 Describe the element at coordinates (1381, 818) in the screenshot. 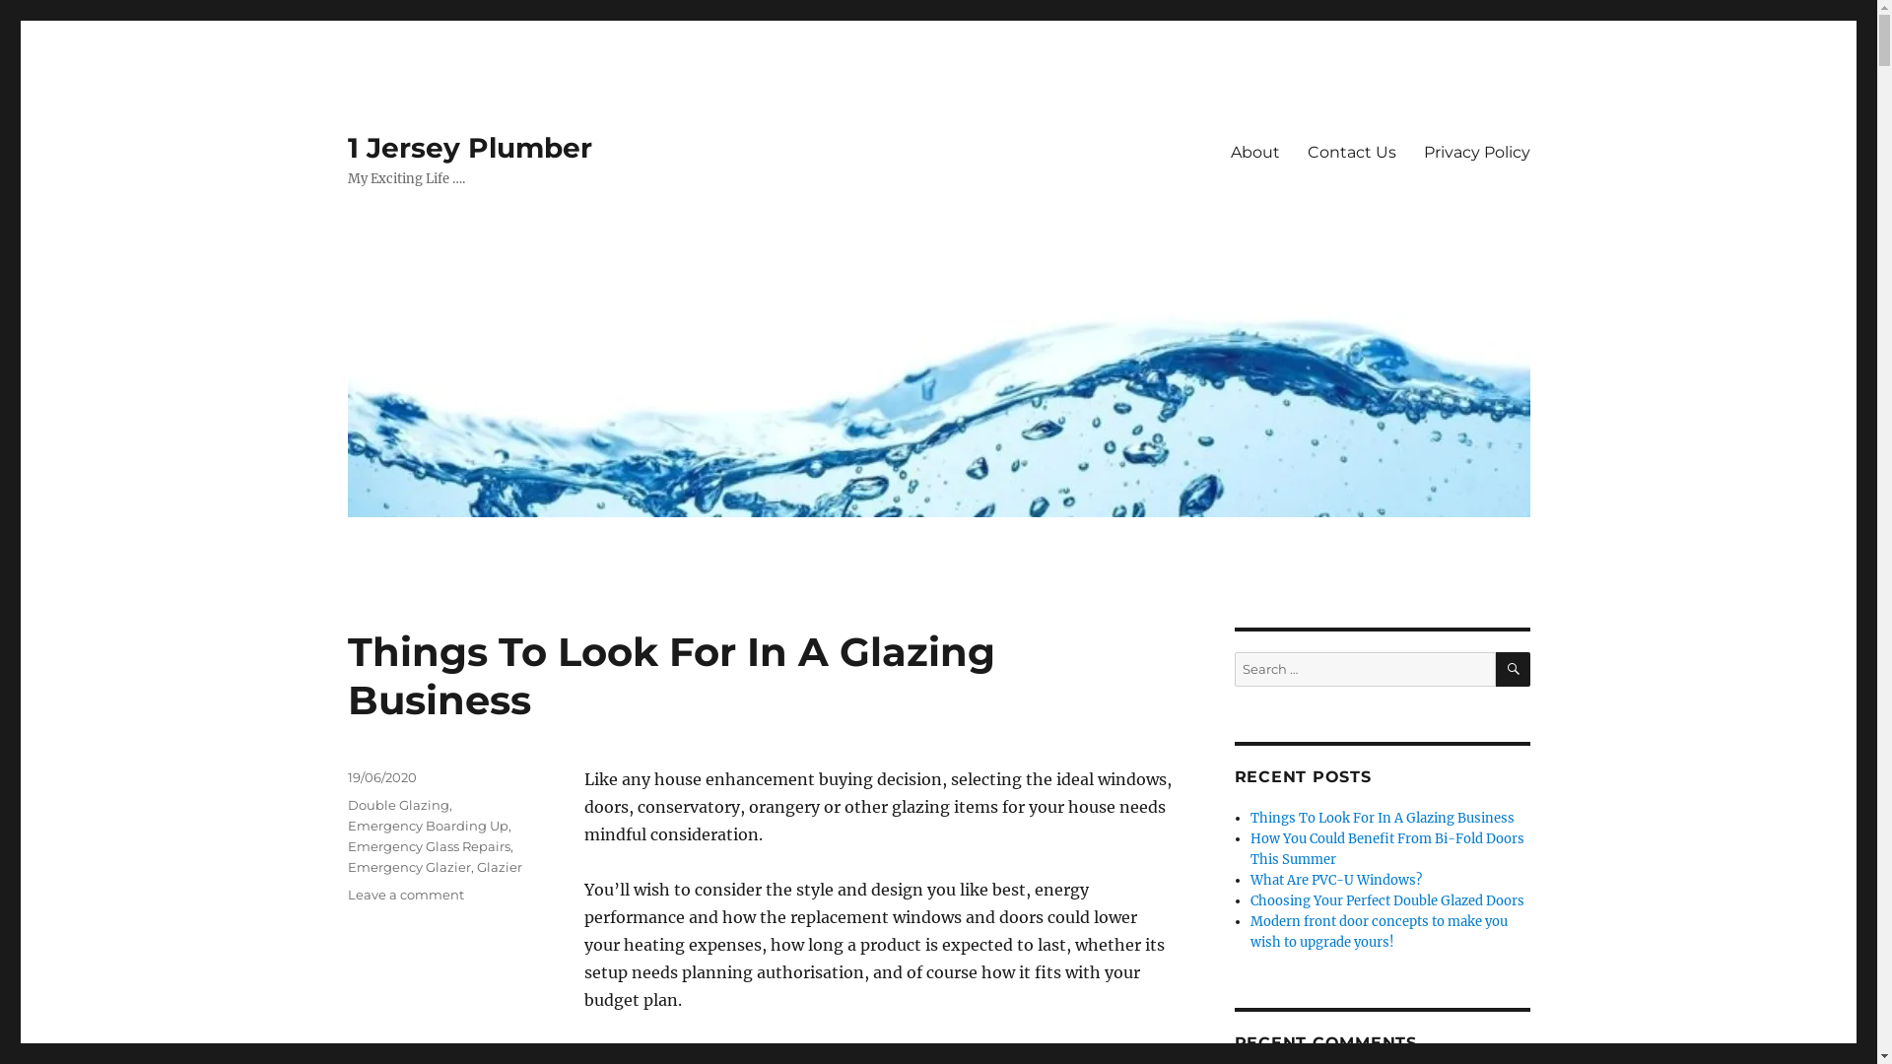

I see `'Things To Look For In A Glazing Business'` at that location.